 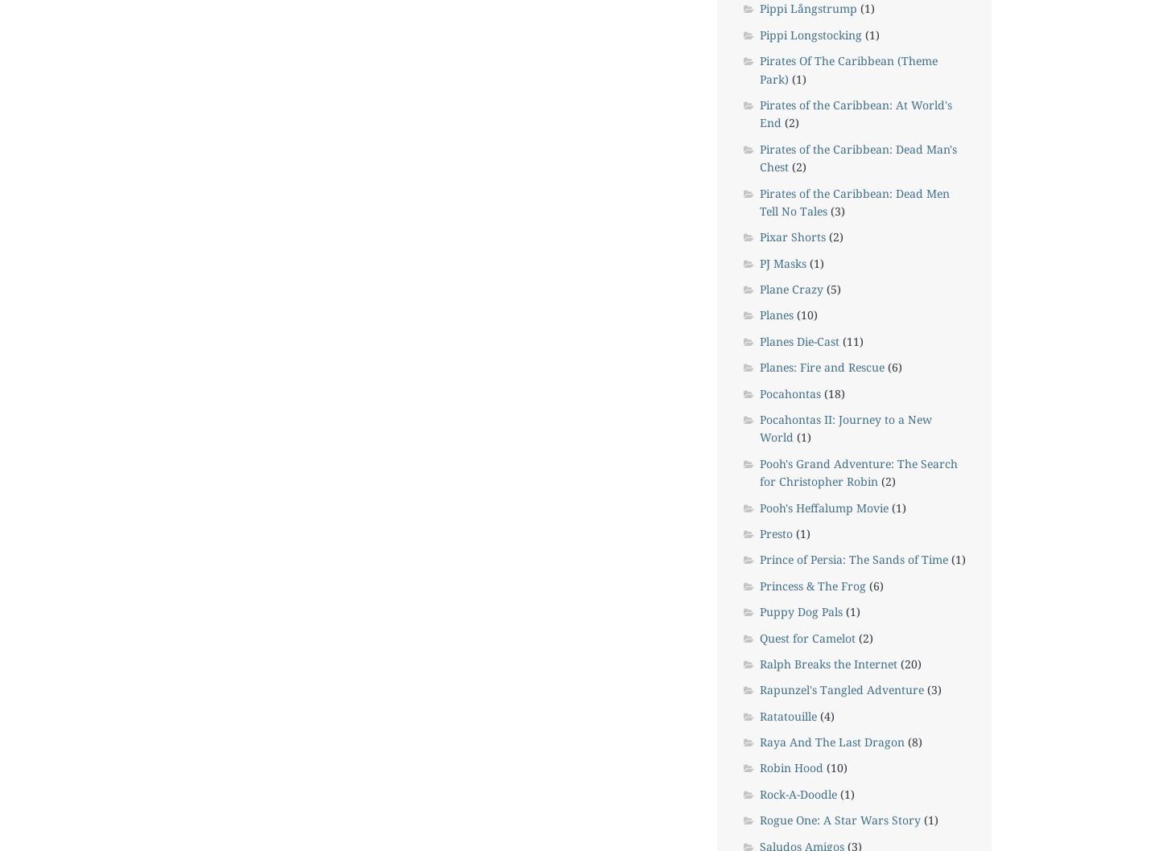 What do you see at coordinates (811, 585) in the screenshot?
I see `'Princess & The Frog'` at bounding box center [811, 585].